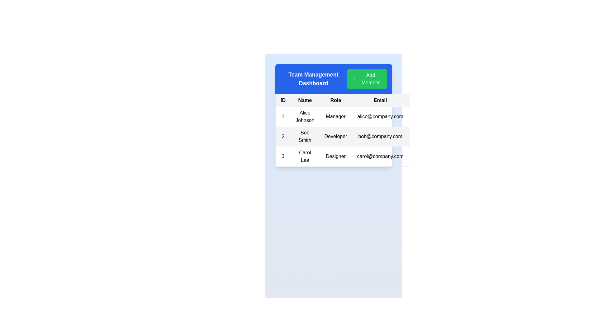  Describe the element at coordinates (371, 116) in the screenshot. I see `the first row in the user details table, which displays ID, name, role, and email information` at that location.